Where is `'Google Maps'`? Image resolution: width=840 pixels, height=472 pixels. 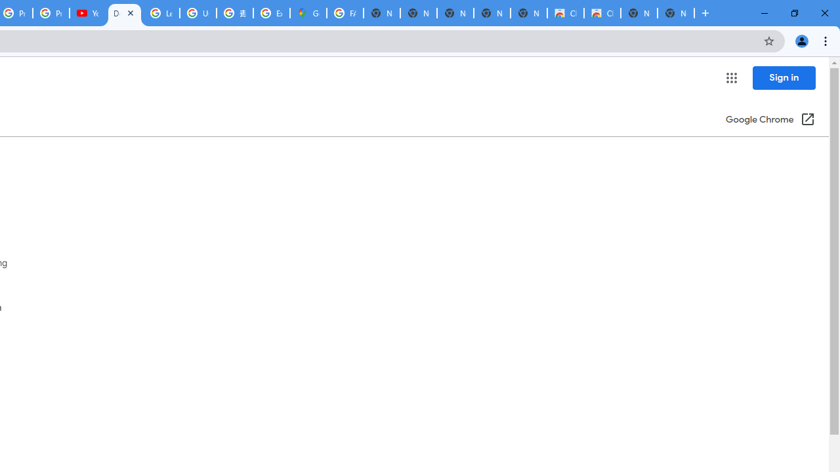 'Google Maps' is located at coordinates (307, 13).